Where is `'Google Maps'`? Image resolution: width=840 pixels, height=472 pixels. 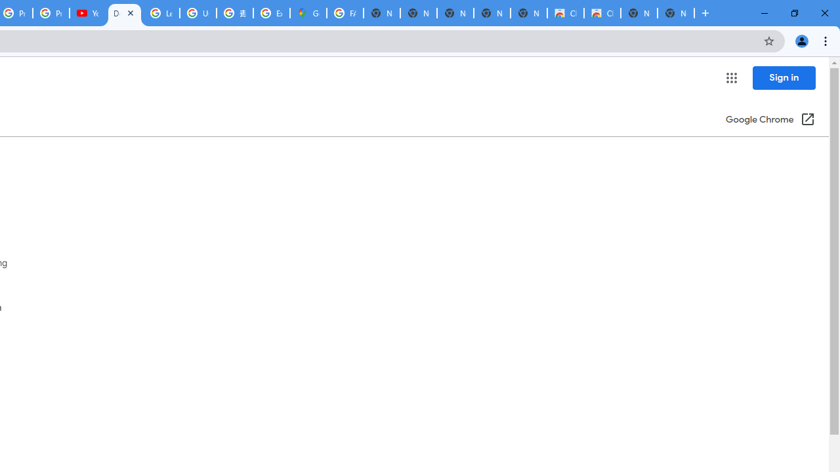 'Google Maps' is located at coordinates (307, 13).